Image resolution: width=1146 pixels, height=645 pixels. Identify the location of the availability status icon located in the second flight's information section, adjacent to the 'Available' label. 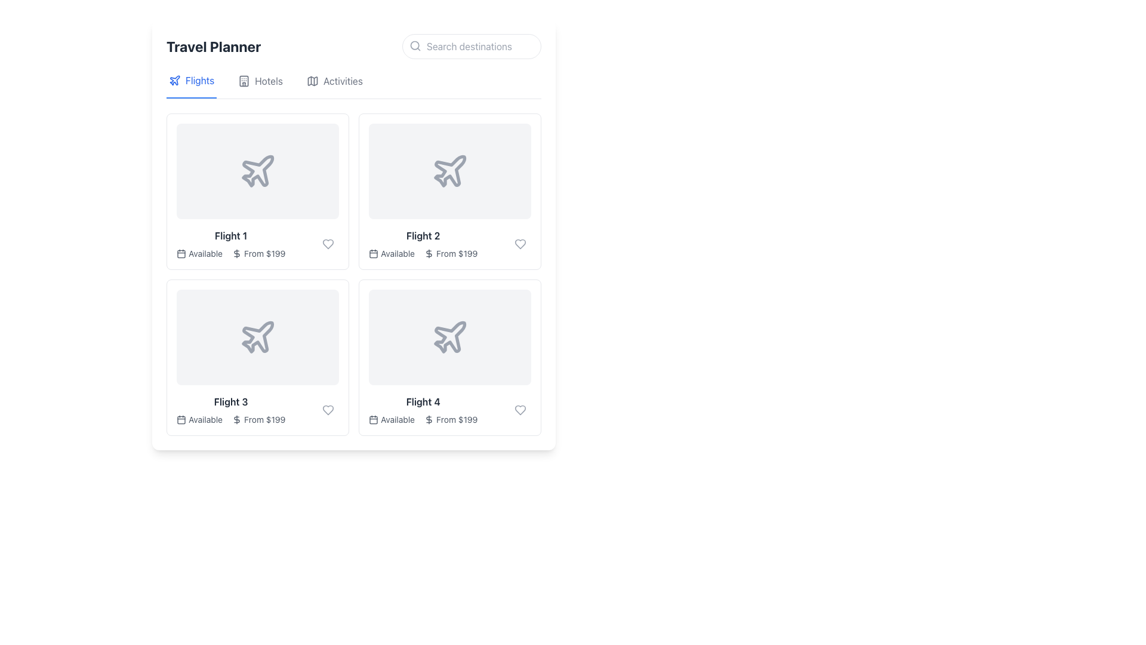
(372, 253).